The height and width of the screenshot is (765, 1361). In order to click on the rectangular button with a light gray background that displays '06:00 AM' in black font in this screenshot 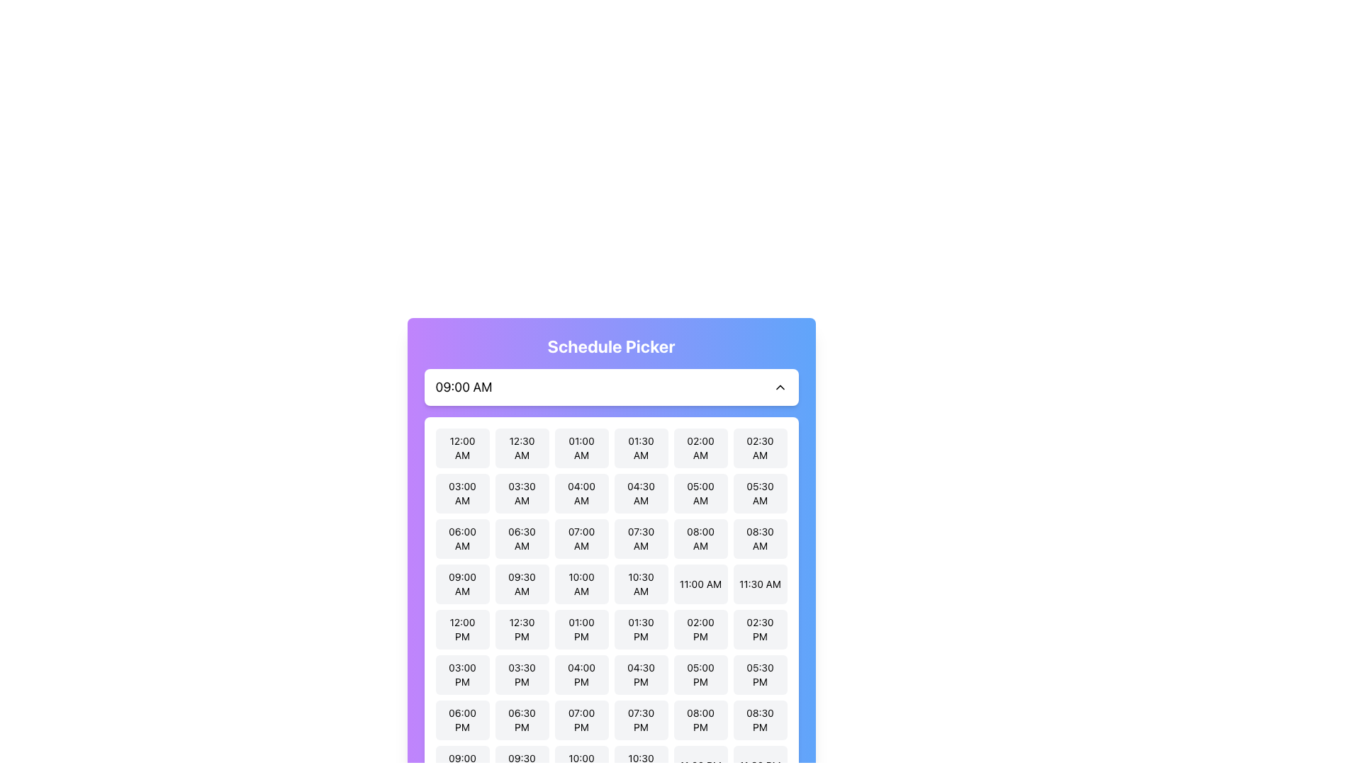, I will do `click(462, 538)`.